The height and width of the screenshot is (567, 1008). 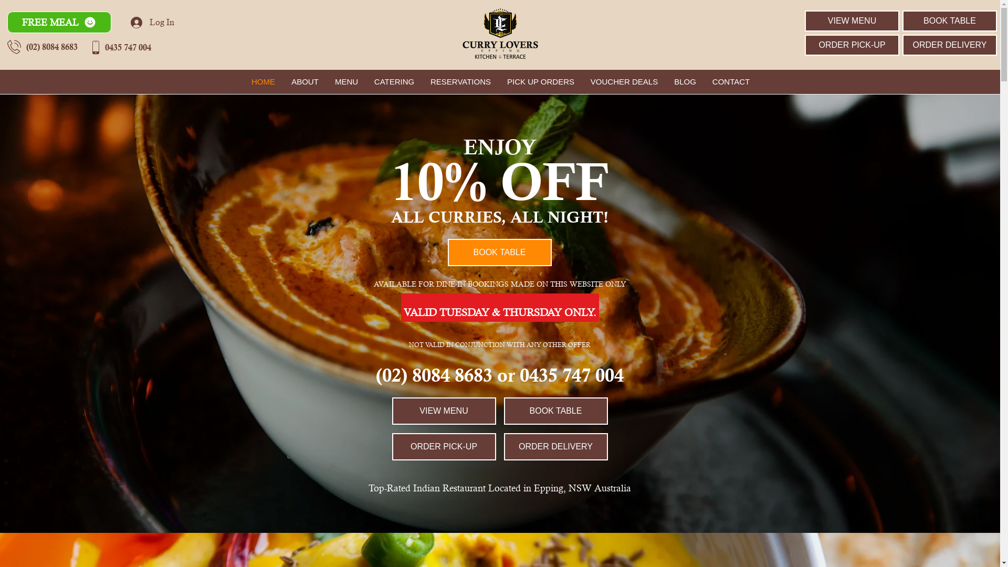 I want to click on 'FREE MEAL', so click(x=59, y=22).